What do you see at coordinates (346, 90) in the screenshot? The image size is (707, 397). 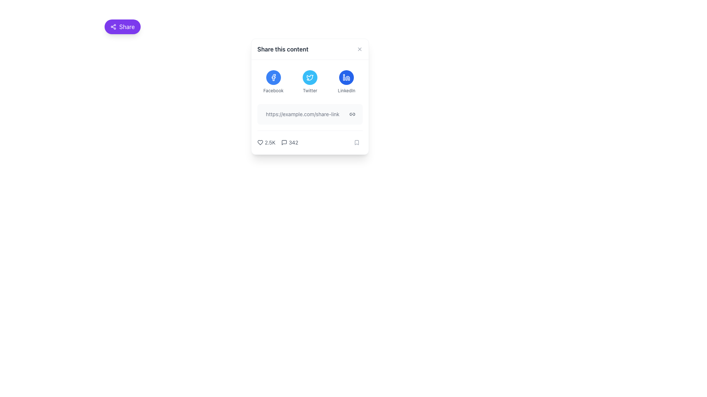 I see `the text label that reads 'LinkedIn', styled in gray and positioned below the LinkedIn icon in the sharing options card interface` at bounding box center [346, 90].